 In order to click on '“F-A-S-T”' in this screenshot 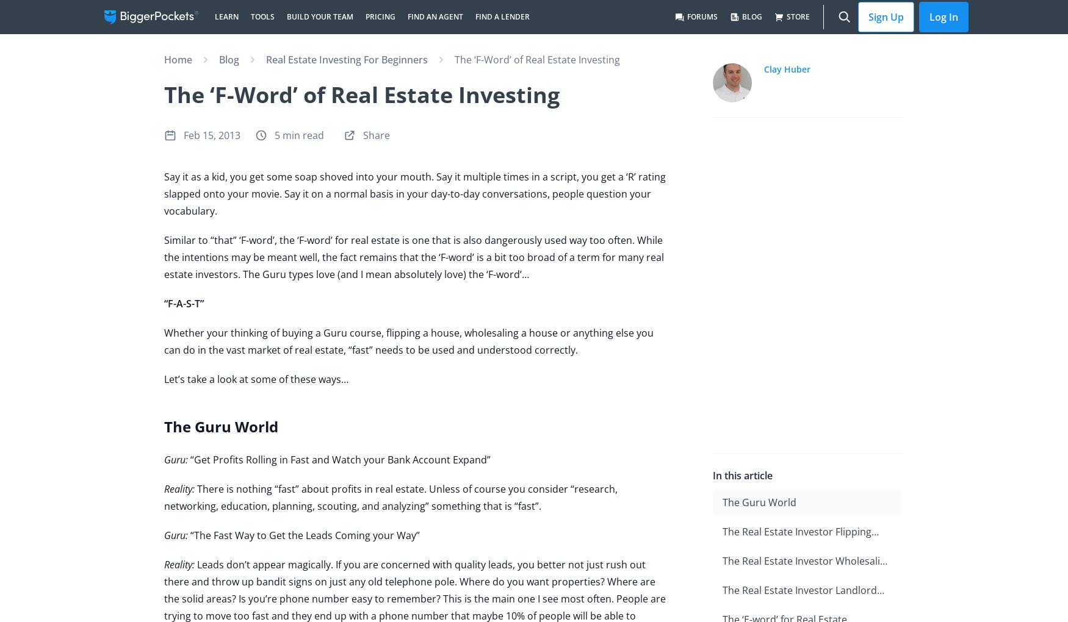, I will do `click(163, 303)`.